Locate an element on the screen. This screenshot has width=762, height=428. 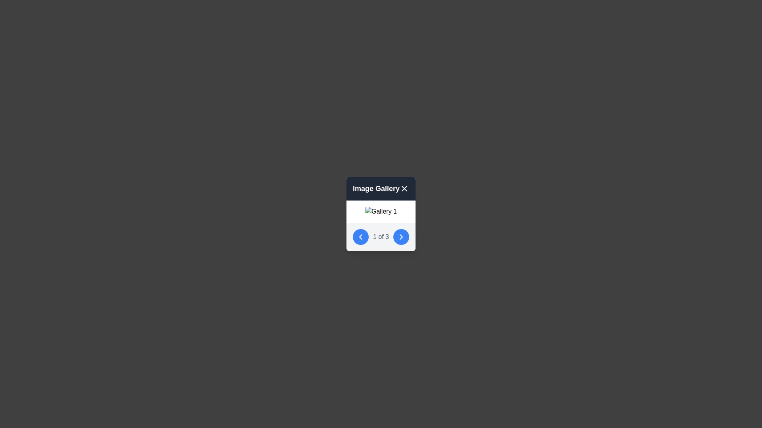
title 'Image Gallery' from the header at the top of the modal dialog, which features a dark gray background and contains a bold white text aligned to the left is located at coordinates (381, 188).